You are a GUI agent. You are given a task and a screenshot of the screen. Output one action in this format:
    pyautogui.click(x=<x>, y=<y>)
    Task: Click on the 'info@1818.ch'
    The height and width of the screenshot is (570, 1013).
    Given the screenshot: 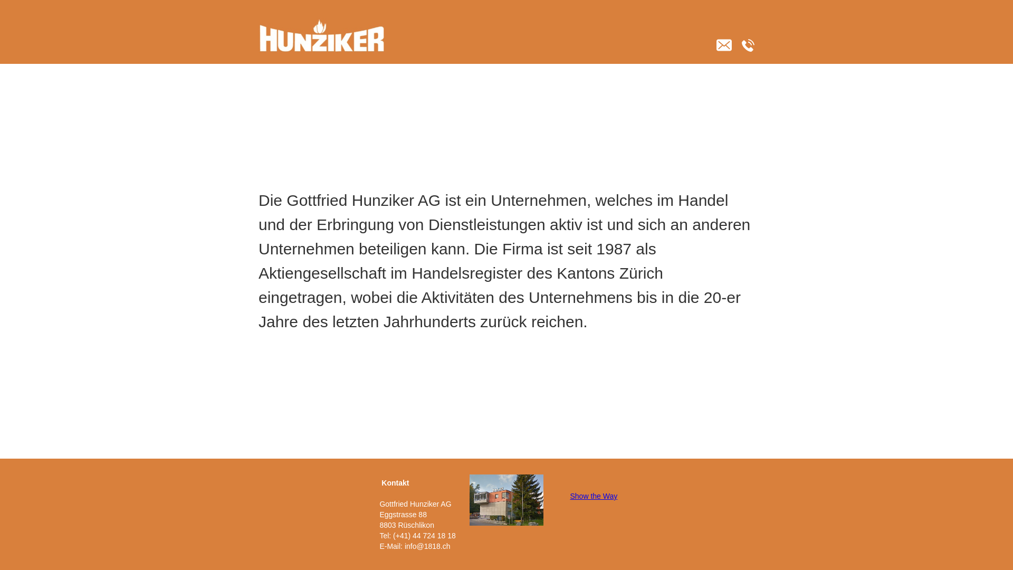 What is the action you would take?
    pyautogui.click(x=427, y=546)
    